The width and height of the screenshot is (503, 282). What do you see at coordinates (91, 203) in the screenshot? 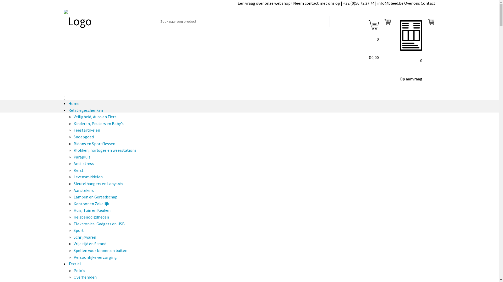
I see `'Kantoor en Zakelijk'` at bounding box center [91, 203].